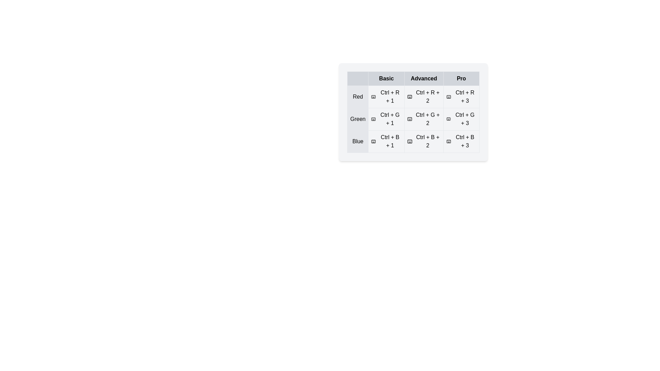 This screenshot has height=371, width=660. What do you see at coordinates (413, 78) in the screenshot?
I see `the Text Label Group which serves as the category header for the columns labeled 'Red,' 'Green,' and 'Blue' in the table` at bounding box center [413, 78].